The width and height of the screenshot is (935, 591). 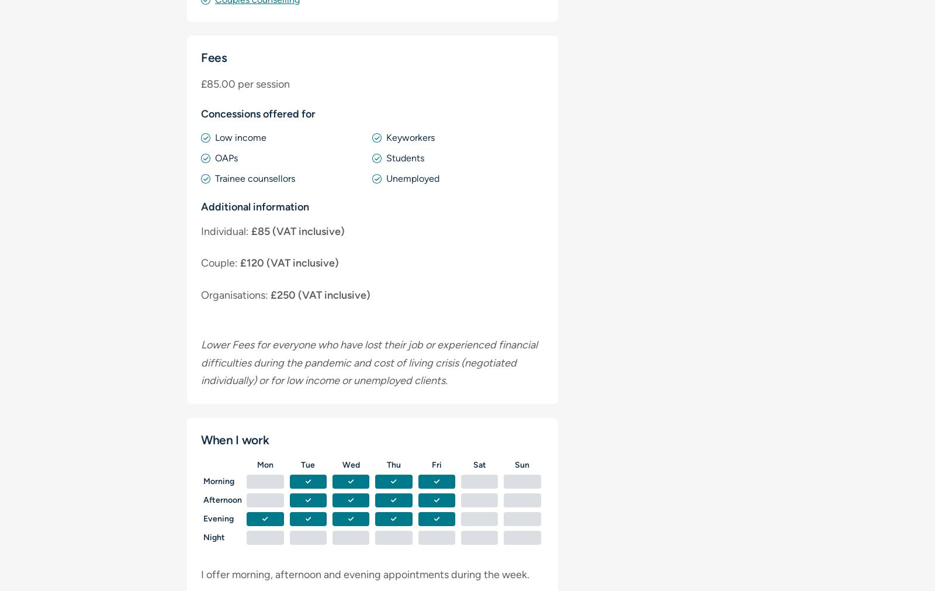 What do you see at coordinates (524, 464) in the screenshot?
I see `'un'` at bounding box center [524, 464].